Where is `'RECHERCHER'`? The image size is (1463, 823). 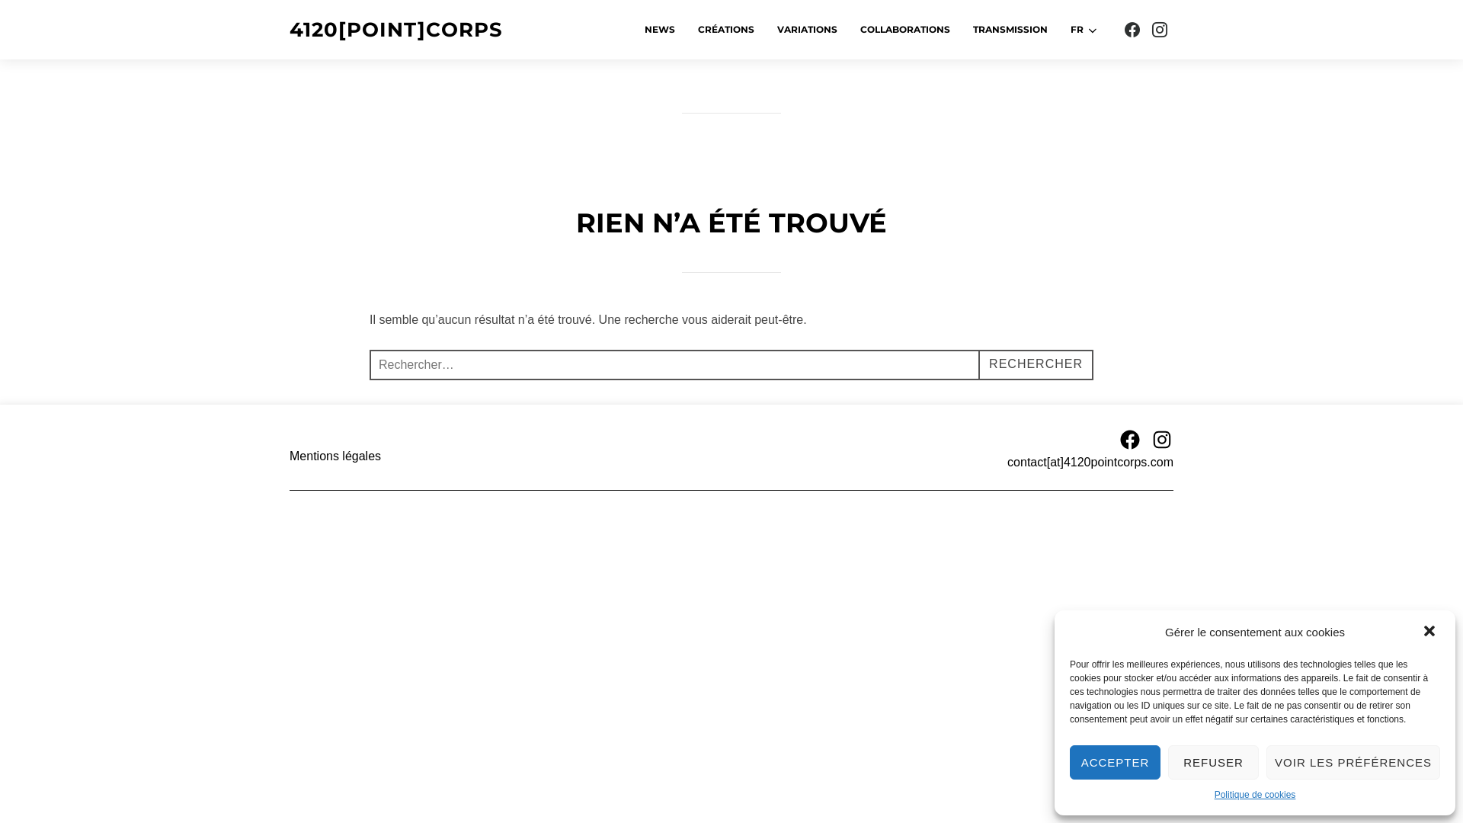
'RECHERCHER' is located at coordinates (1036, 364).